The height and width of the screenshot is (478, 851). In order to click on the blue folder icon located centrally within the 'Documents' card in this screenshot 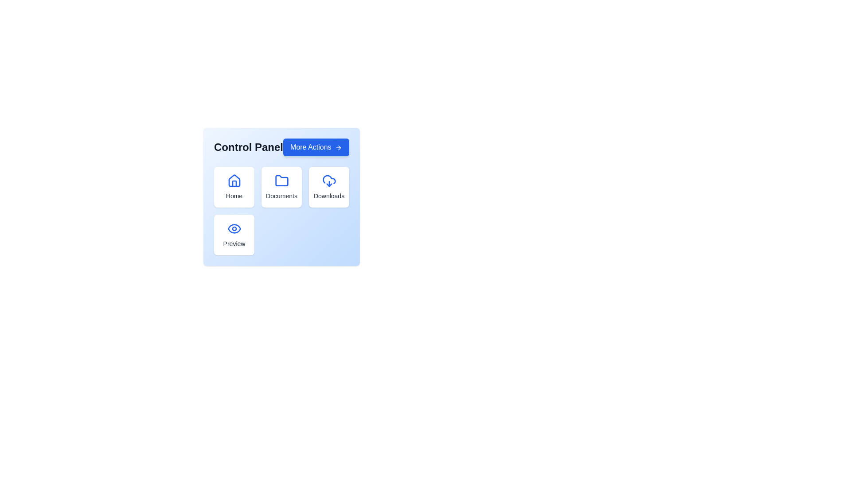, I will do `click(281, 180)`.